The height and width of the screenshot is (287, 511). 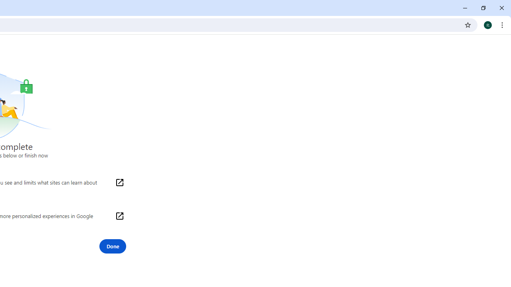 What do you see at coordinates (467, 24) in the screenshot?
I see `'Bookmark this tab'` at bounding box center [467, 24].